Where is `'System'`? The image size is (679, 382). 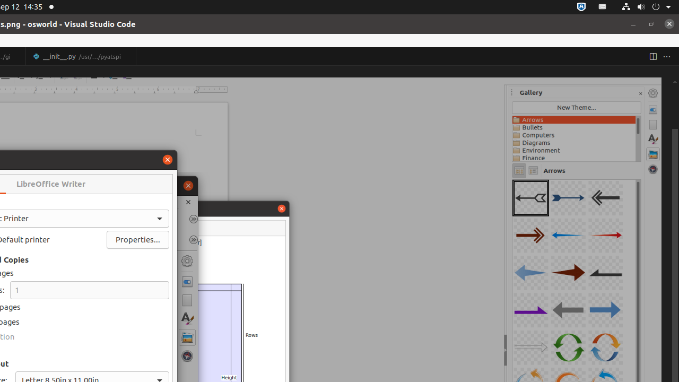 'System' is located at coordinates (646, 7).